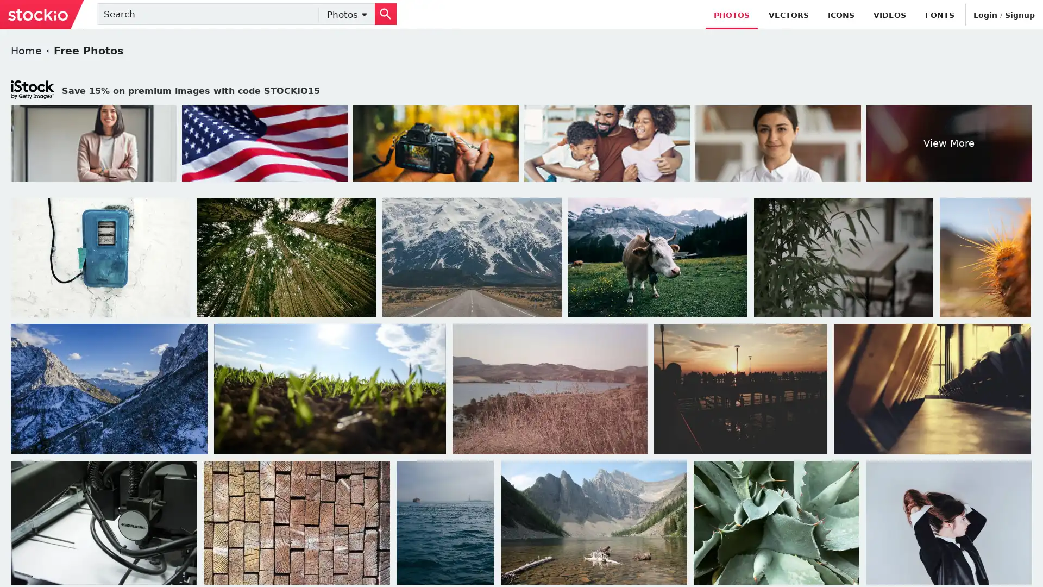 This screenshot has width=1043, height=587. What do you see at coordinates (386, 14) in the screenshot?
I see `Search` at bounding box center [386, 14].